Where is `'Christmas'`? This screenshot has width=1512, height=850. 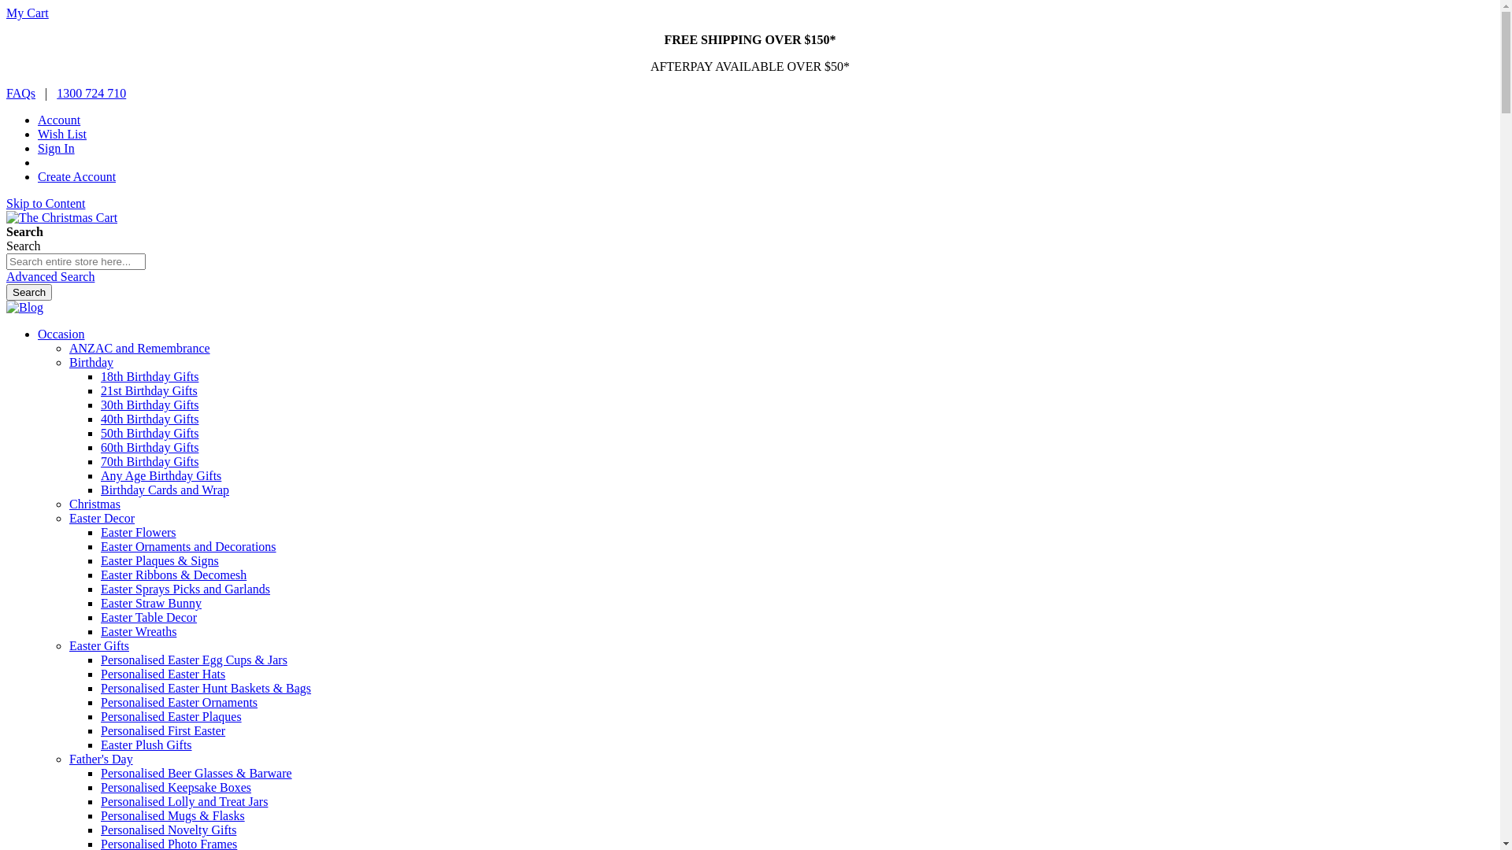
'Christmas' is located at coordinates (94, 504).